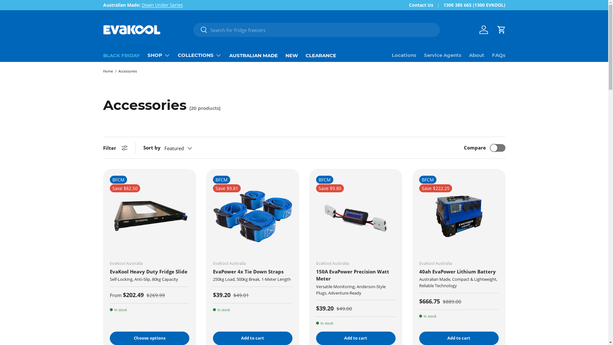 The image size is (613, 345). I want to click on 'Skip to content', so click(28, 9).